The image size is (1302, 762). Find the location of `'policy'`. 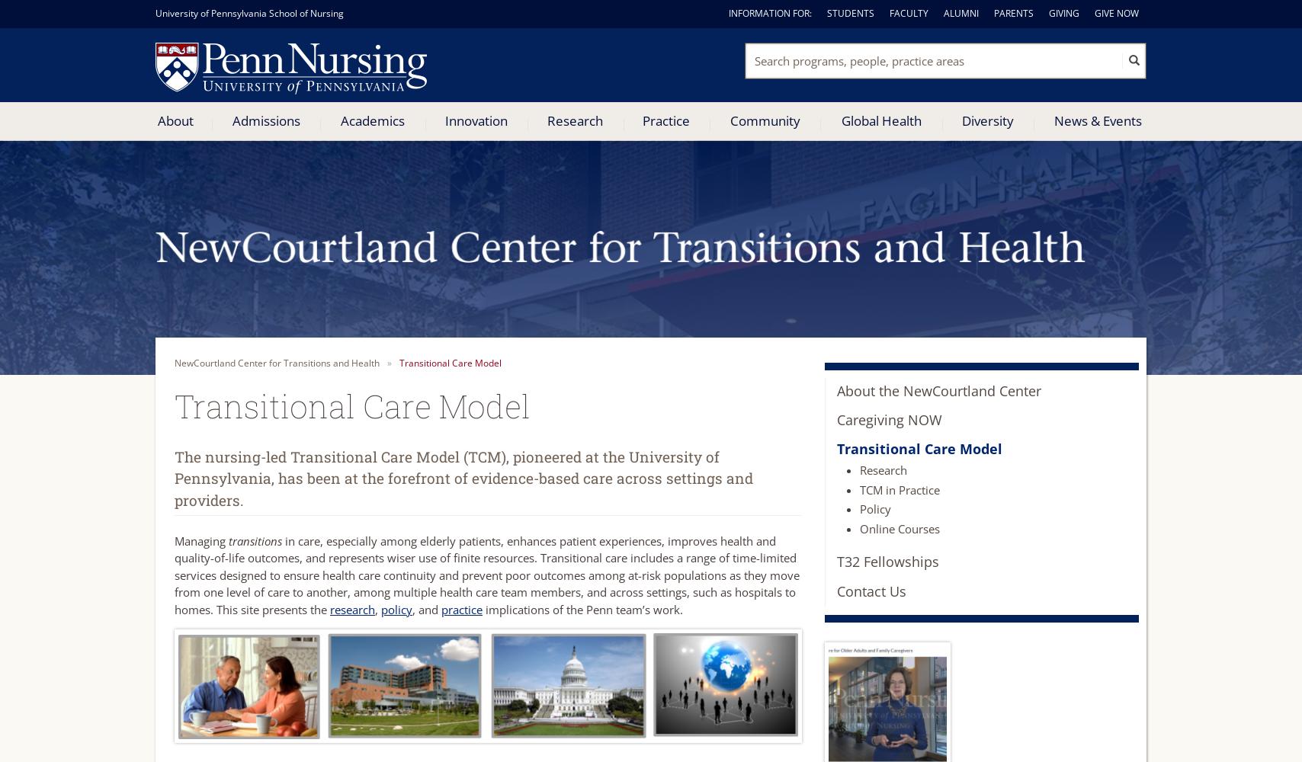

'policy' is located at coordinates (396, 609).